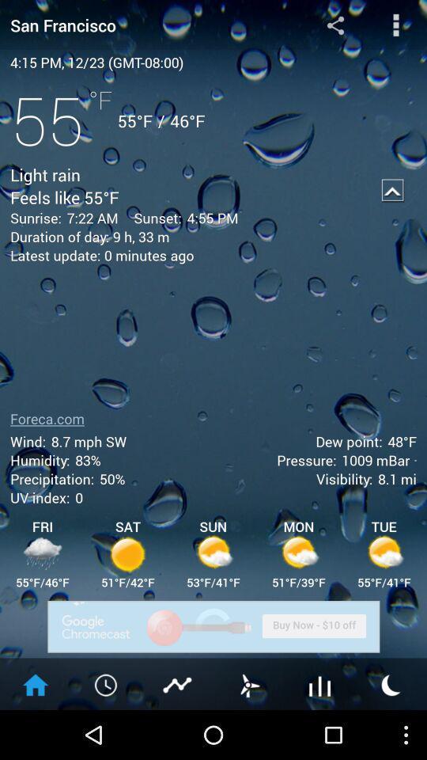 The width and height of the screenshot is (427, 760). Describe the element at coordinates (395, 24) in the screenshot. I see `hamburger button for options` at that location.